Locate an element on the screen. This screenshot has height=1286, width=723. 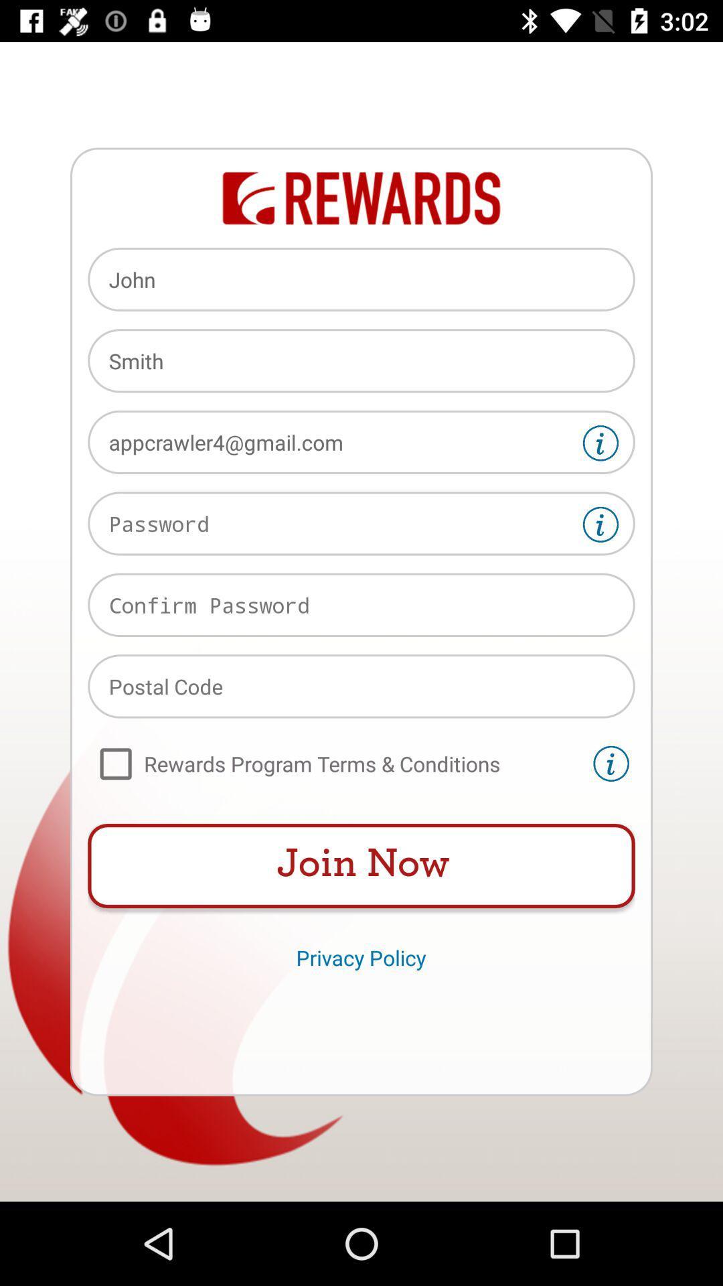
the appcrawler4@gmail.com icon is located at coordinates (361, 442).